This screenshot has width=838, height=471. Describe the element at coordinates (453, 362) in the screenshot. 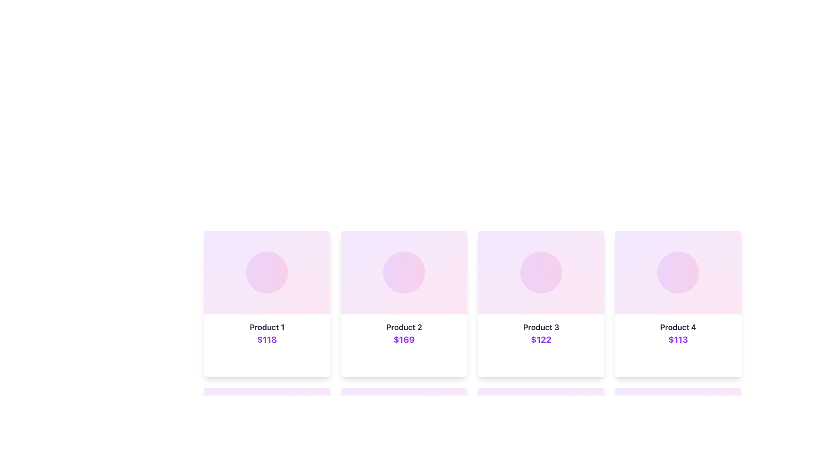

I see `the button located at the bottom-right of the 'Product 2' panel` at that location.